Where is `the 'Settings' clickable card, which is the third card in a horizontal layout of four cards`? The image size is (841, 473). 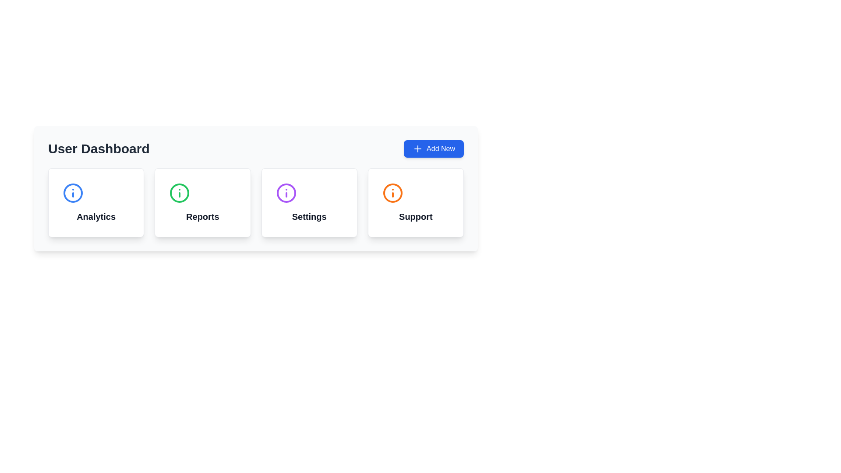 the 'Settings' clickable card, which is the third card in a horizontal layout of four cards is located at coordinates (309, 202).